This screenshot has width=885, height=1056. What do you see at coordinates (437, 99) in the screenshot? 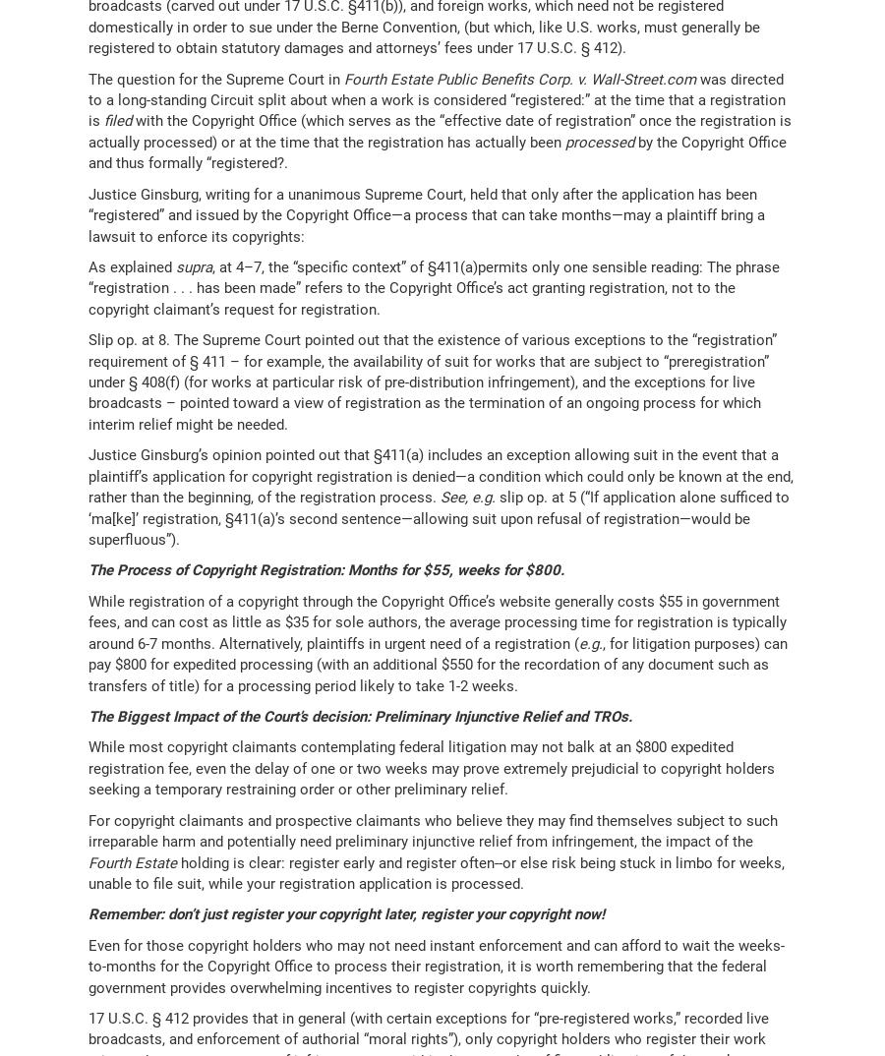
I see `'was directed to a long-standing Circuit split about when a work is considered “registered:” at the time that a registration is'` at bounding box center [437, 99].